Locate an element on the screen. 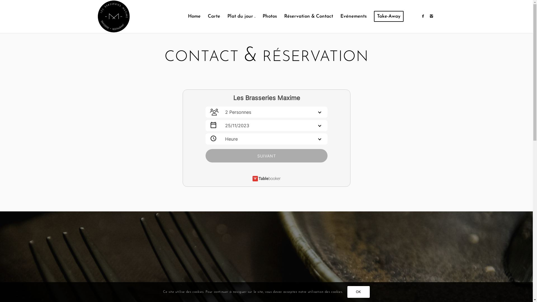 The image size is (537, 302). 'Photos' is located at coordinates (270, 16).